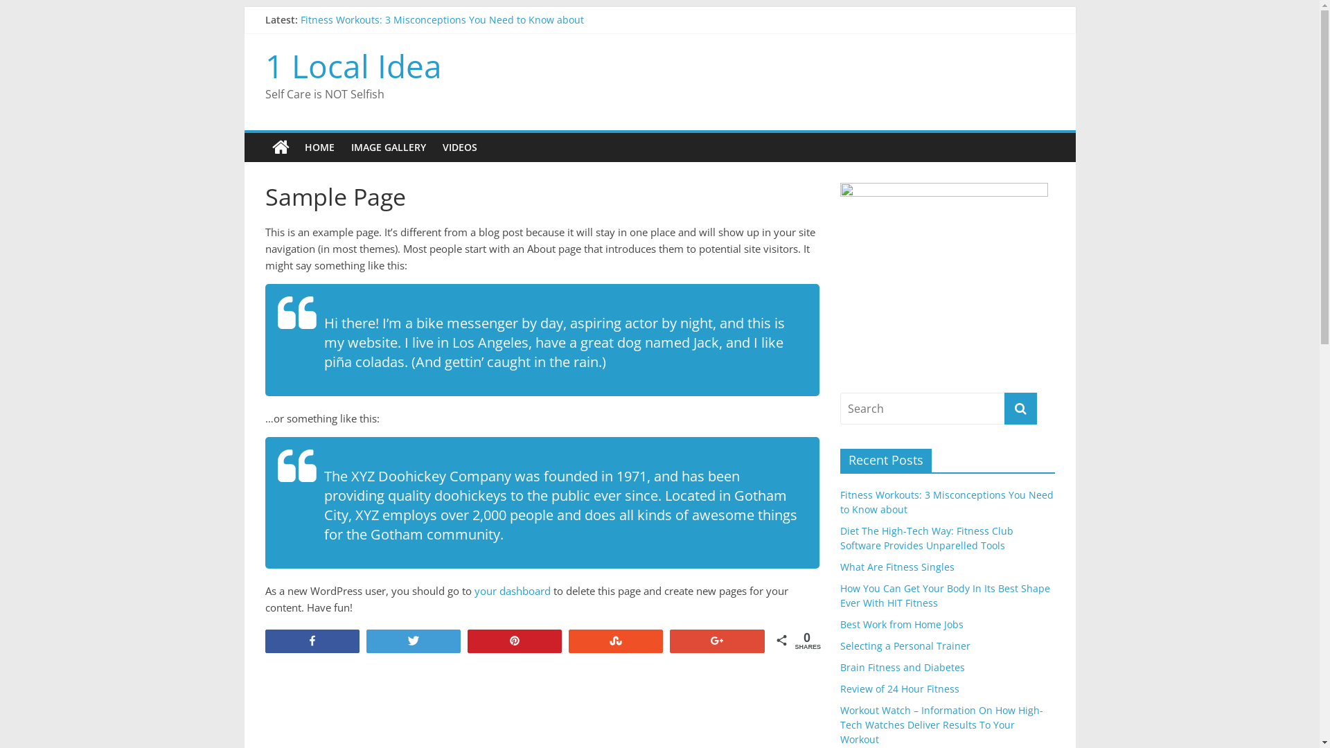 Image resolution: width=1330 pixels, height=748 pixels. Describe the element at coordinates (362, 82) in the screenshot. I see `'Best Work from Home Jobs'` at that location.